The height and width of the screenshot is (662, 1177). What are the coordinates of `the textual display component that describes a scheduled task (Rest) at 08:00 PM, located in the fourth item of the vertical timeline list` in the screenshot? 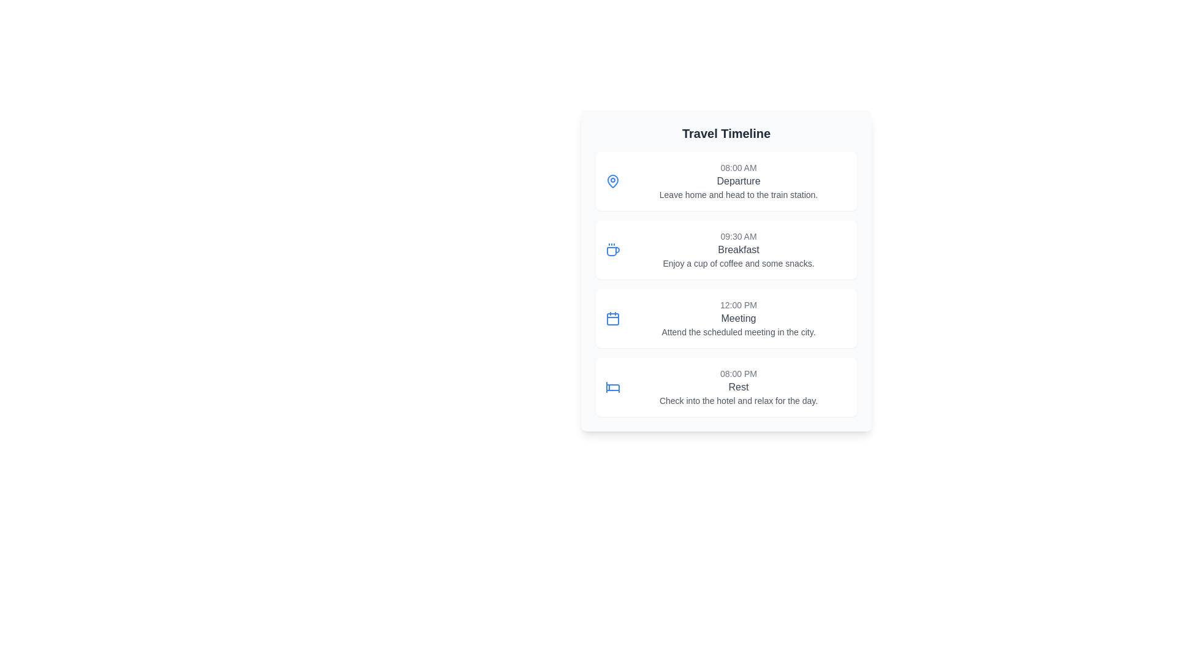 It's located at (737, 387).